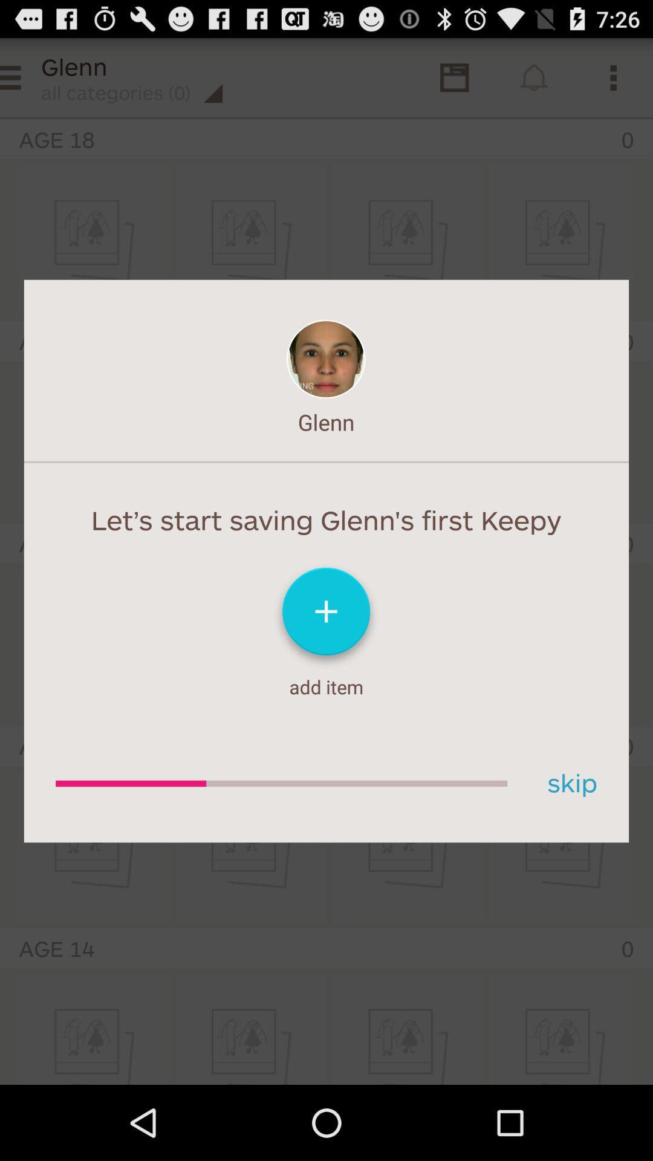 This screenshot has height=1161, width=653. I want to click on the skip app, so click(568, 784).